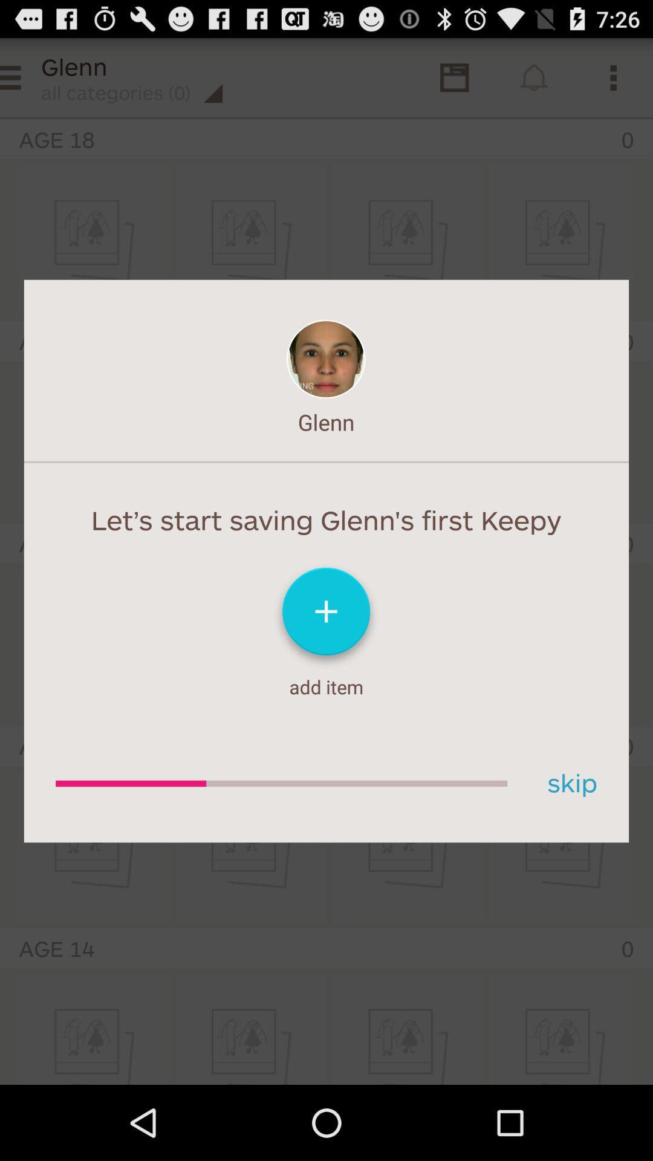 This screenshot has height=1161, width=653. I want to click on the skip app, so click(568, 784).